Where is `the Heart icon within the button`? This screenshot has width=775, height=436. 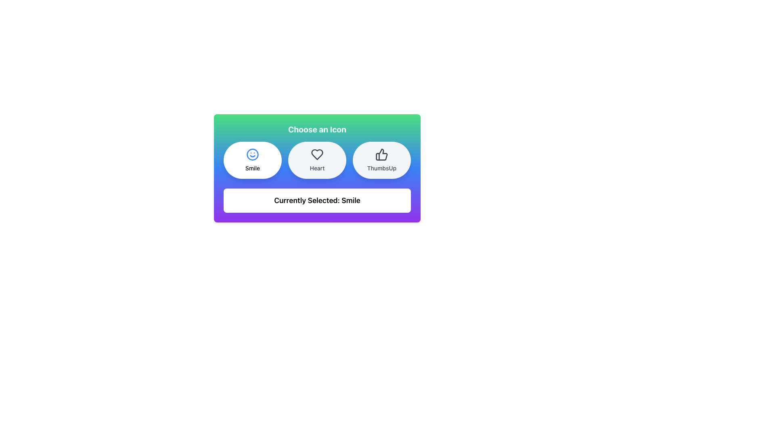 the Heart icon within the button is located at coordinates (317, 154).